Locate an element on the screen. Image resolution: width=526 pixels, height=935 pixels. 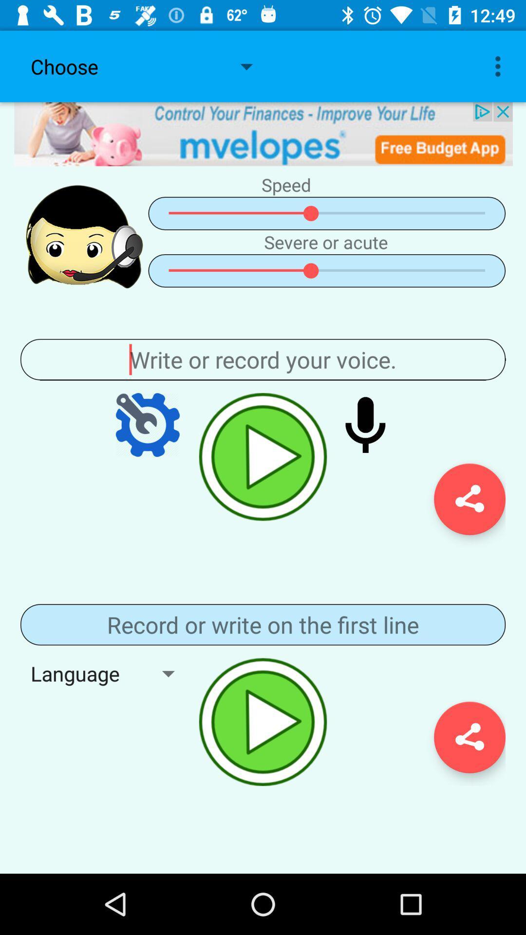
the share icon is located at coordinates (469, 737).